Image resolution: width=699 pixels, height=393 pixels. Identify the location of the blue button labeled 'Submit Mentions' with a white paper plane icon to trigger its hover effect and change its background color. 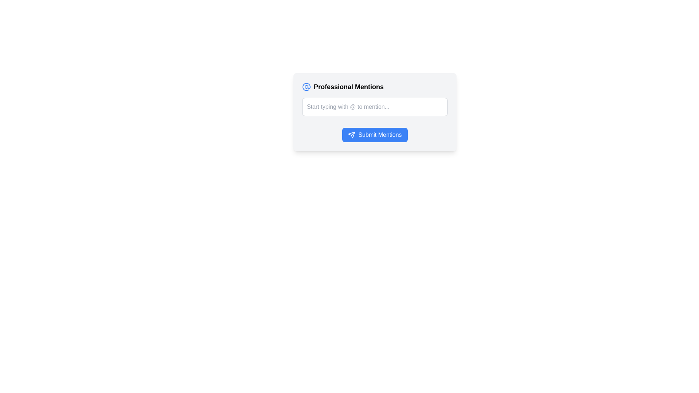
(375, 135).